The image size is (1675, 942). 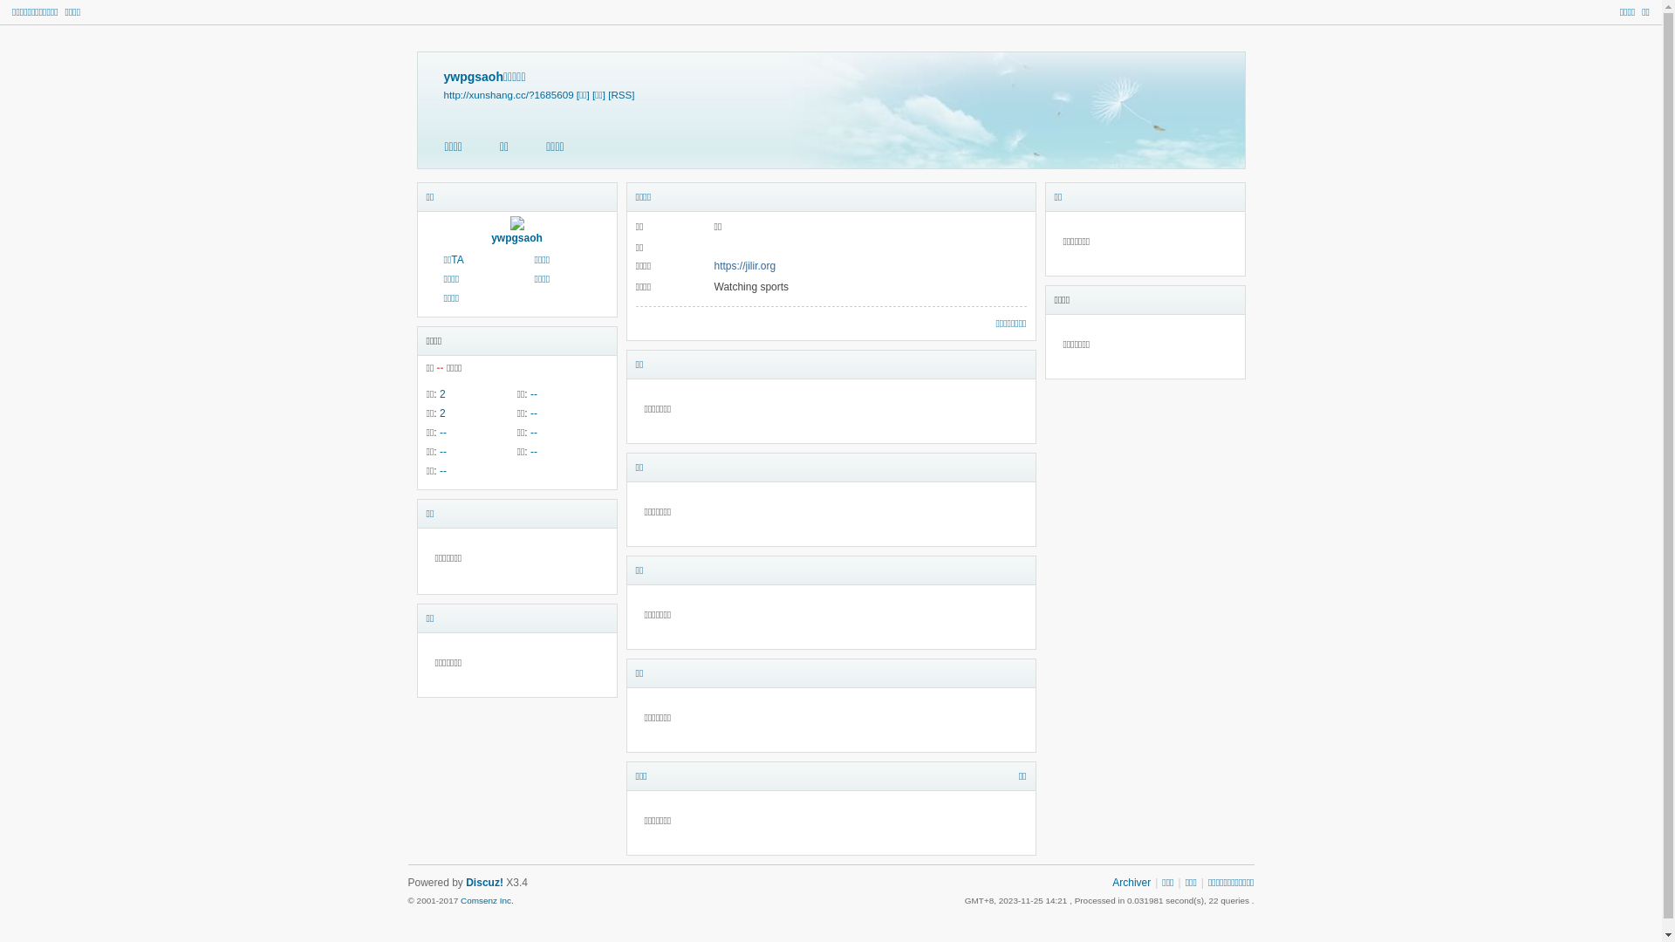 I want to click on '2', so click(x=442, y=393).